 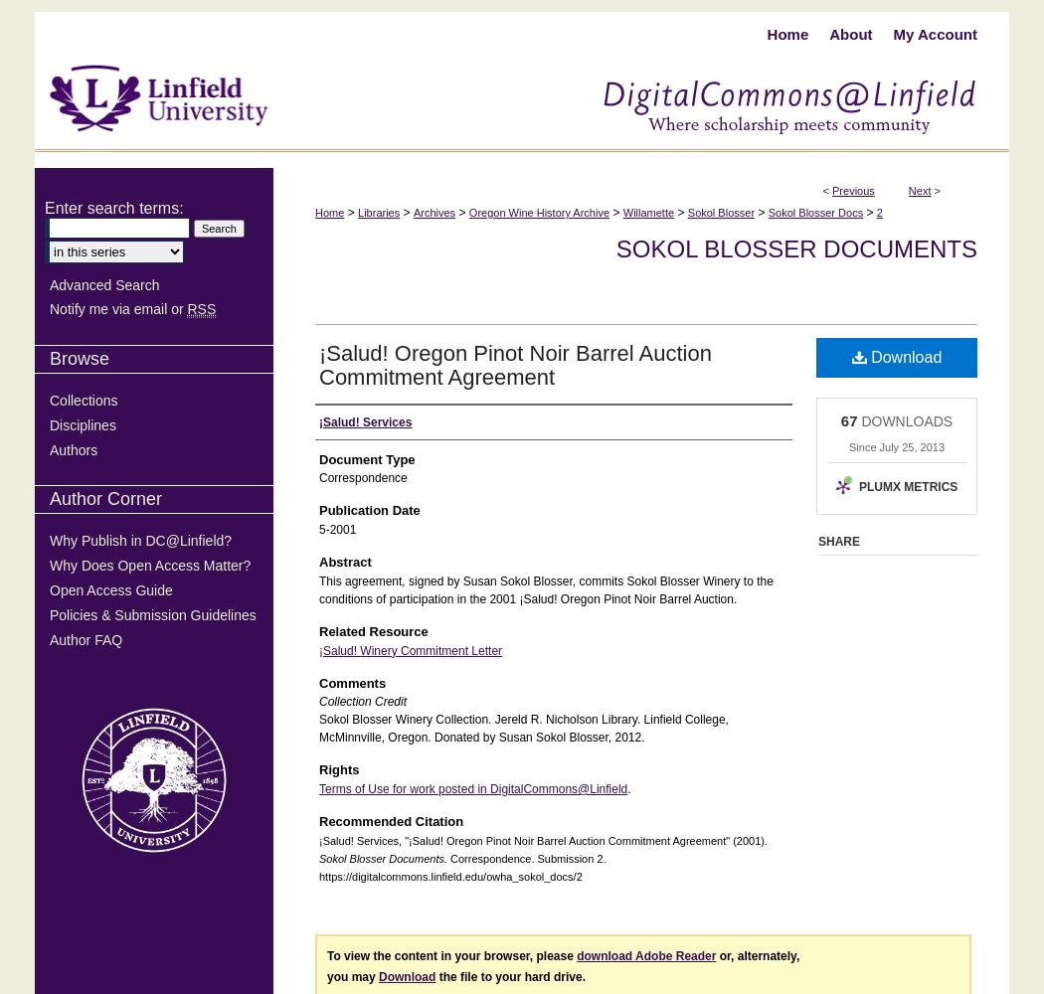 I want to click on 'DOWNLOADS', so click(x=905, y=420).